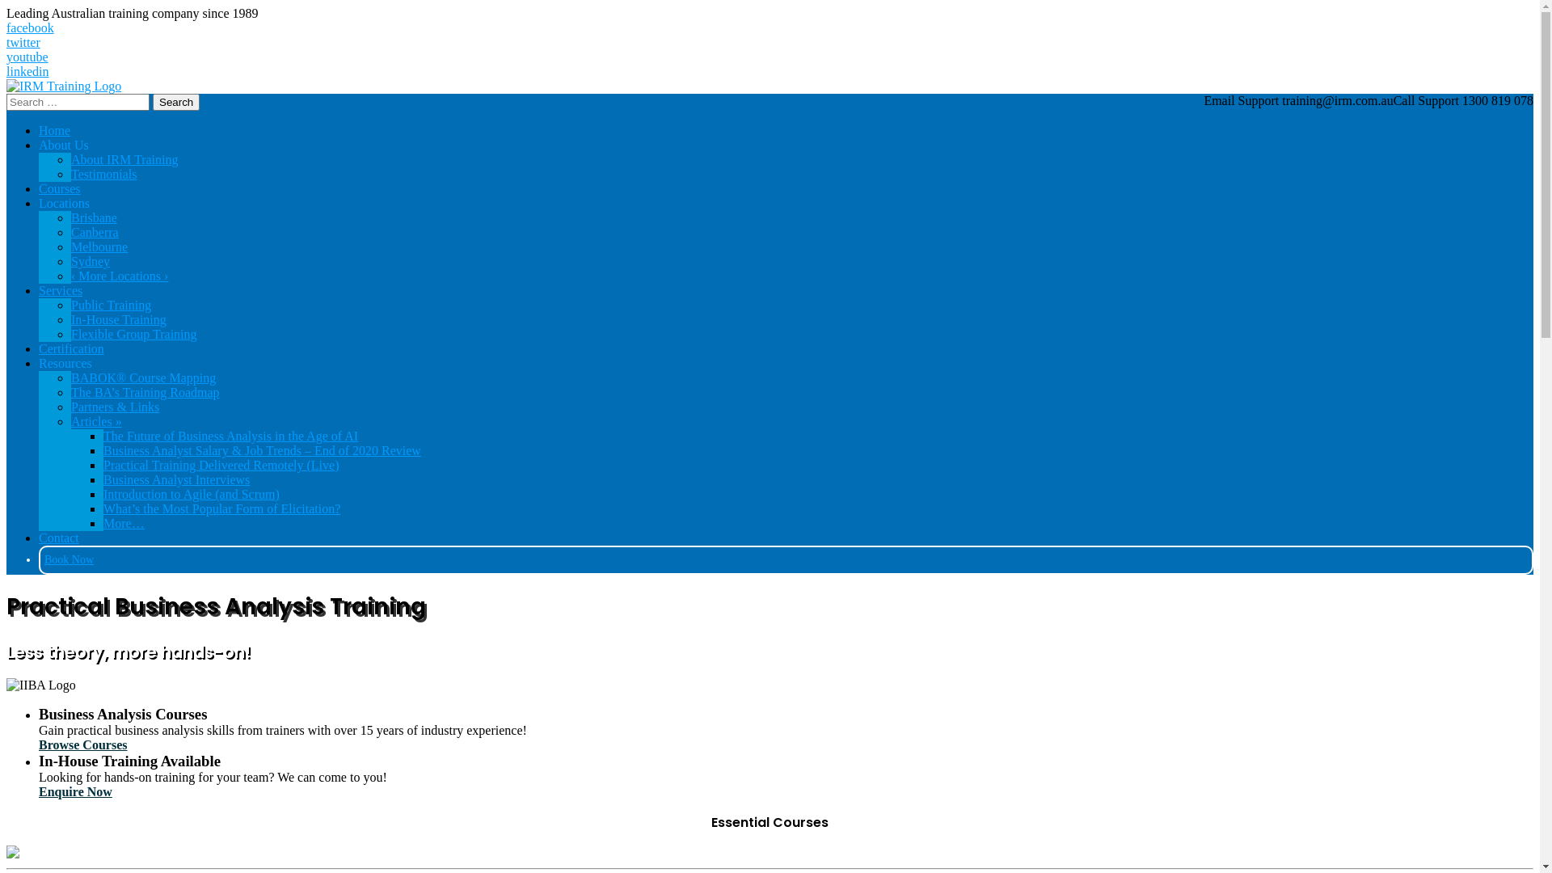  What do you see at coordinates (93, 217) in the screenshot?
I see `'Brisbane'` at bounding box center [93, 217].